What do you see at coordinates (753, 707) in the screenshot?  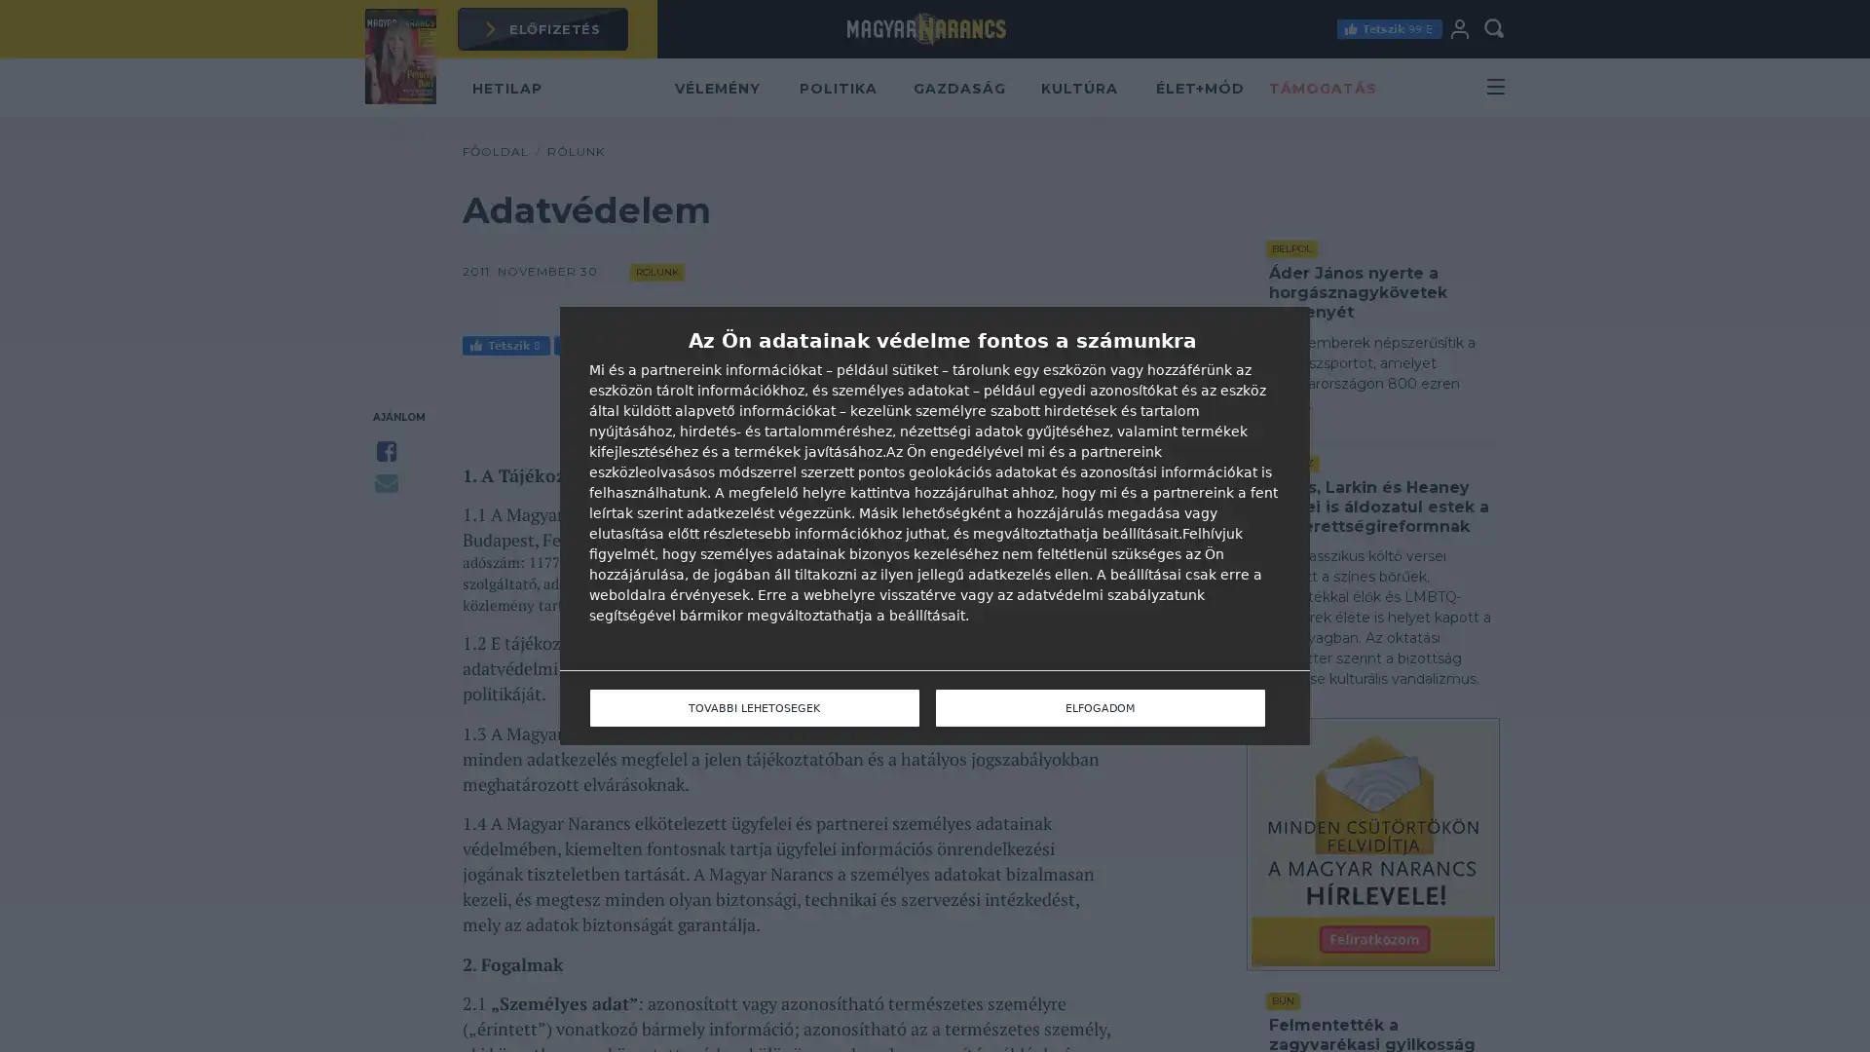 I see `TOVABBI LEHETOSEGEK` at bounding box center [753, 707].